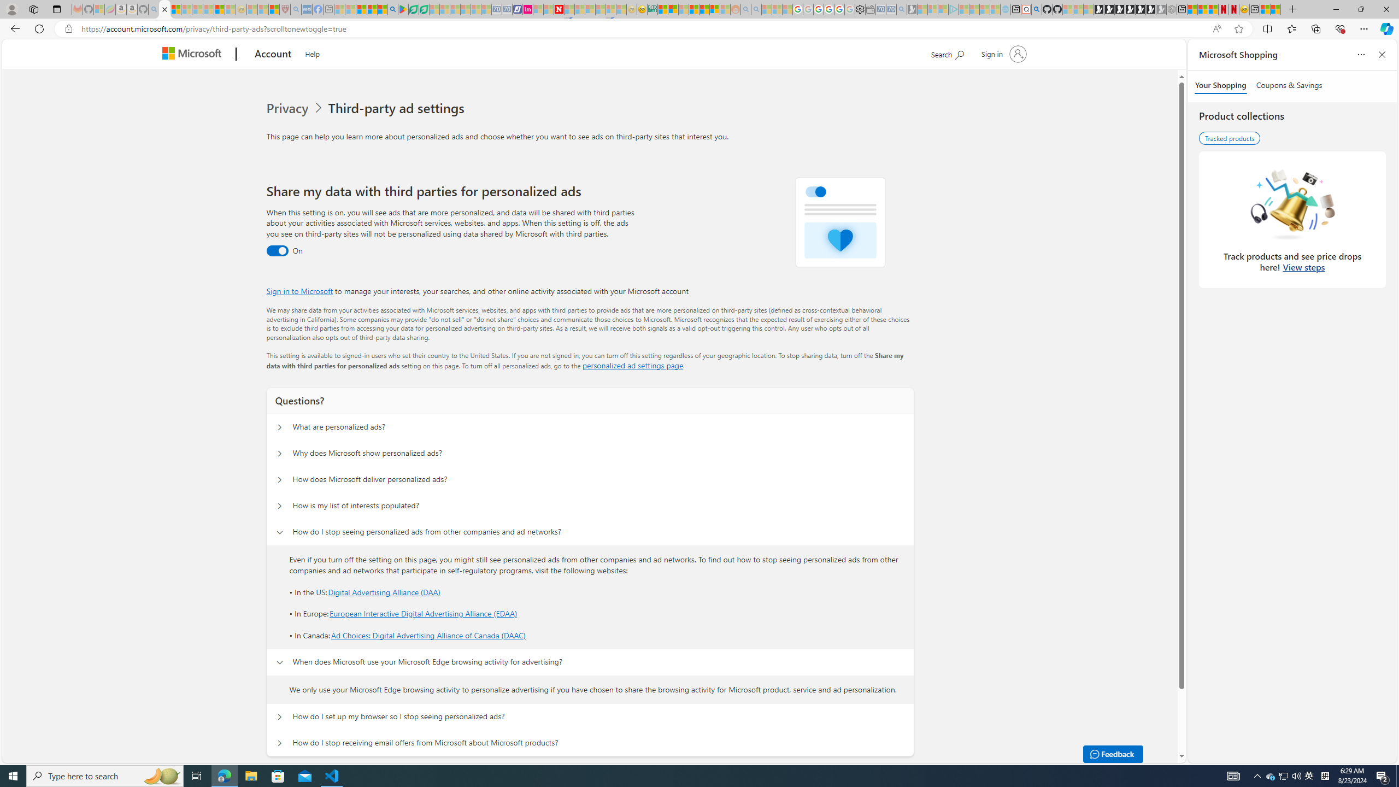  What do you see at coordinates (414, 9) in the screenshot?
I see `'Terms of Use Agreement'` at bounding box center [414, 9].